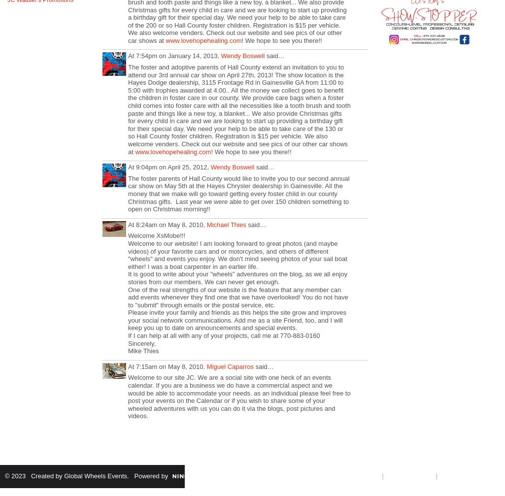  Describe the element at coordinates (174, 56) in the screenshot. I see `'At 7:54pm on January 14, 2013,'` at that location.